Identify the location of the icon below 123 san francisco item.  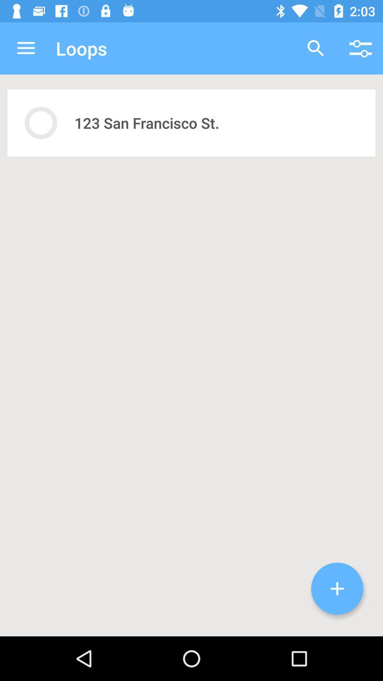
(337, 588).